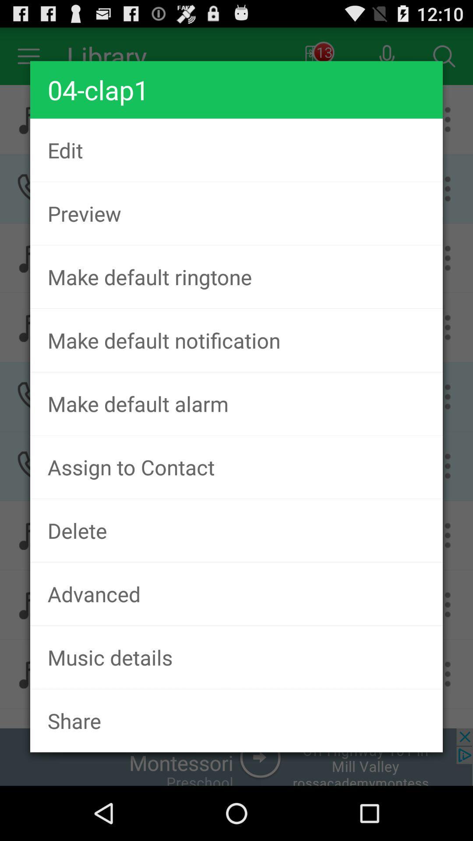 Image resolution: width=473 pixels, height=841 pixels. Describe the element at coordinates (236, 594) in the screenshot. I see `advanced app` at that location.